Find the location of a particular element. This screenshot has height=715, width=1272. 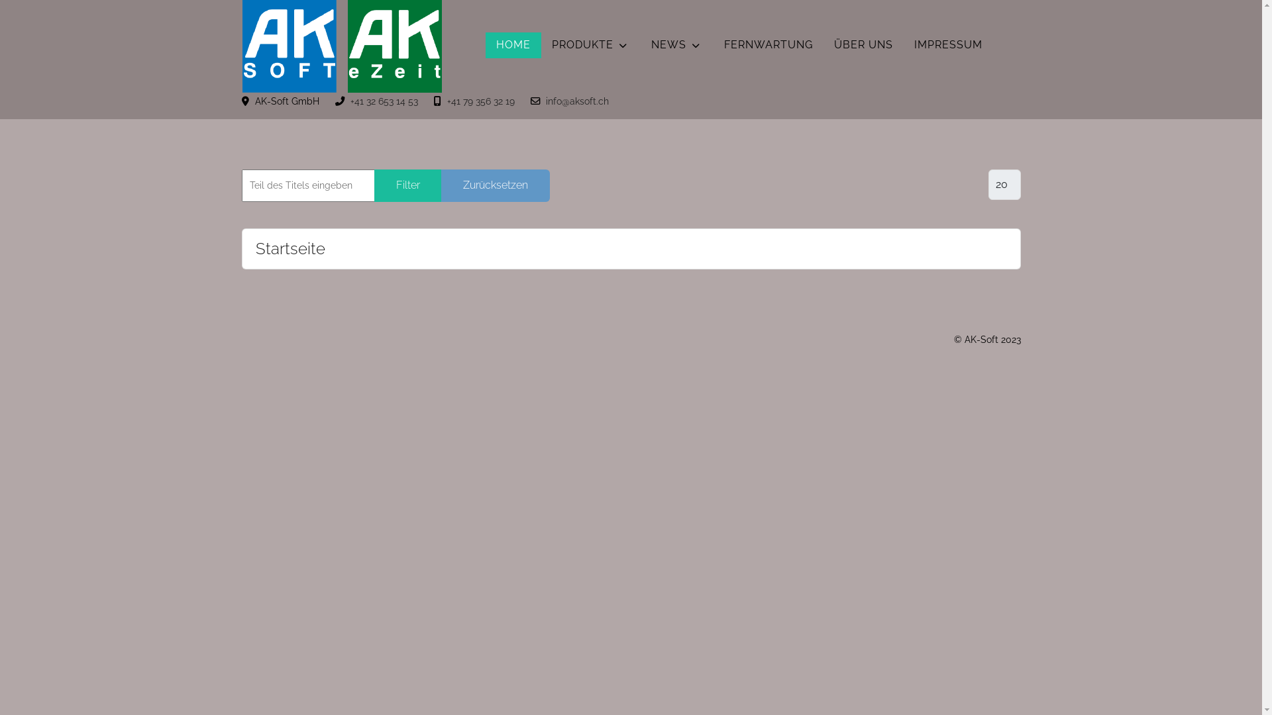

'PRODUKTE' is located at coordinates (590, 44).